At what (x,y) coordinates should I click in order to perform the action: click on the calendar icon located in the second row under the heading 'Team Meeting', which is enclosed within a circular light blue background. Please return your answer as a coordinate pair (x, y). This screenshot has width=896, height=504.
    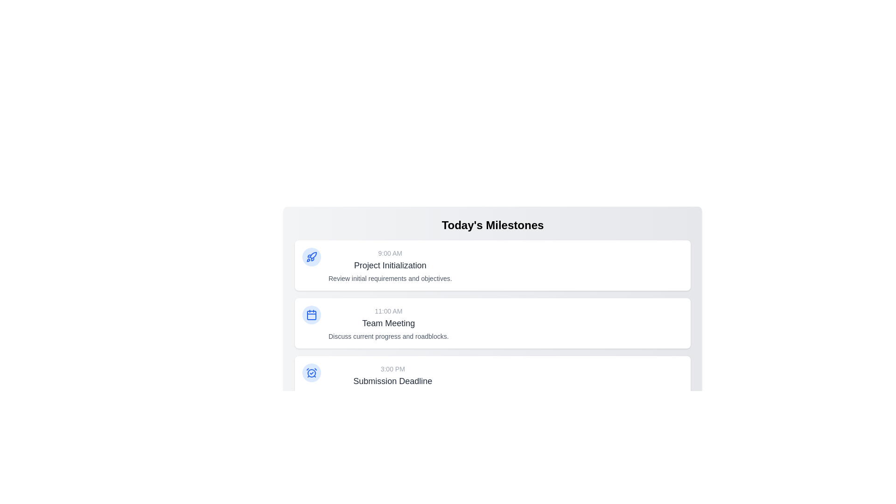
    Looking at the image, I should click on (311, 315).